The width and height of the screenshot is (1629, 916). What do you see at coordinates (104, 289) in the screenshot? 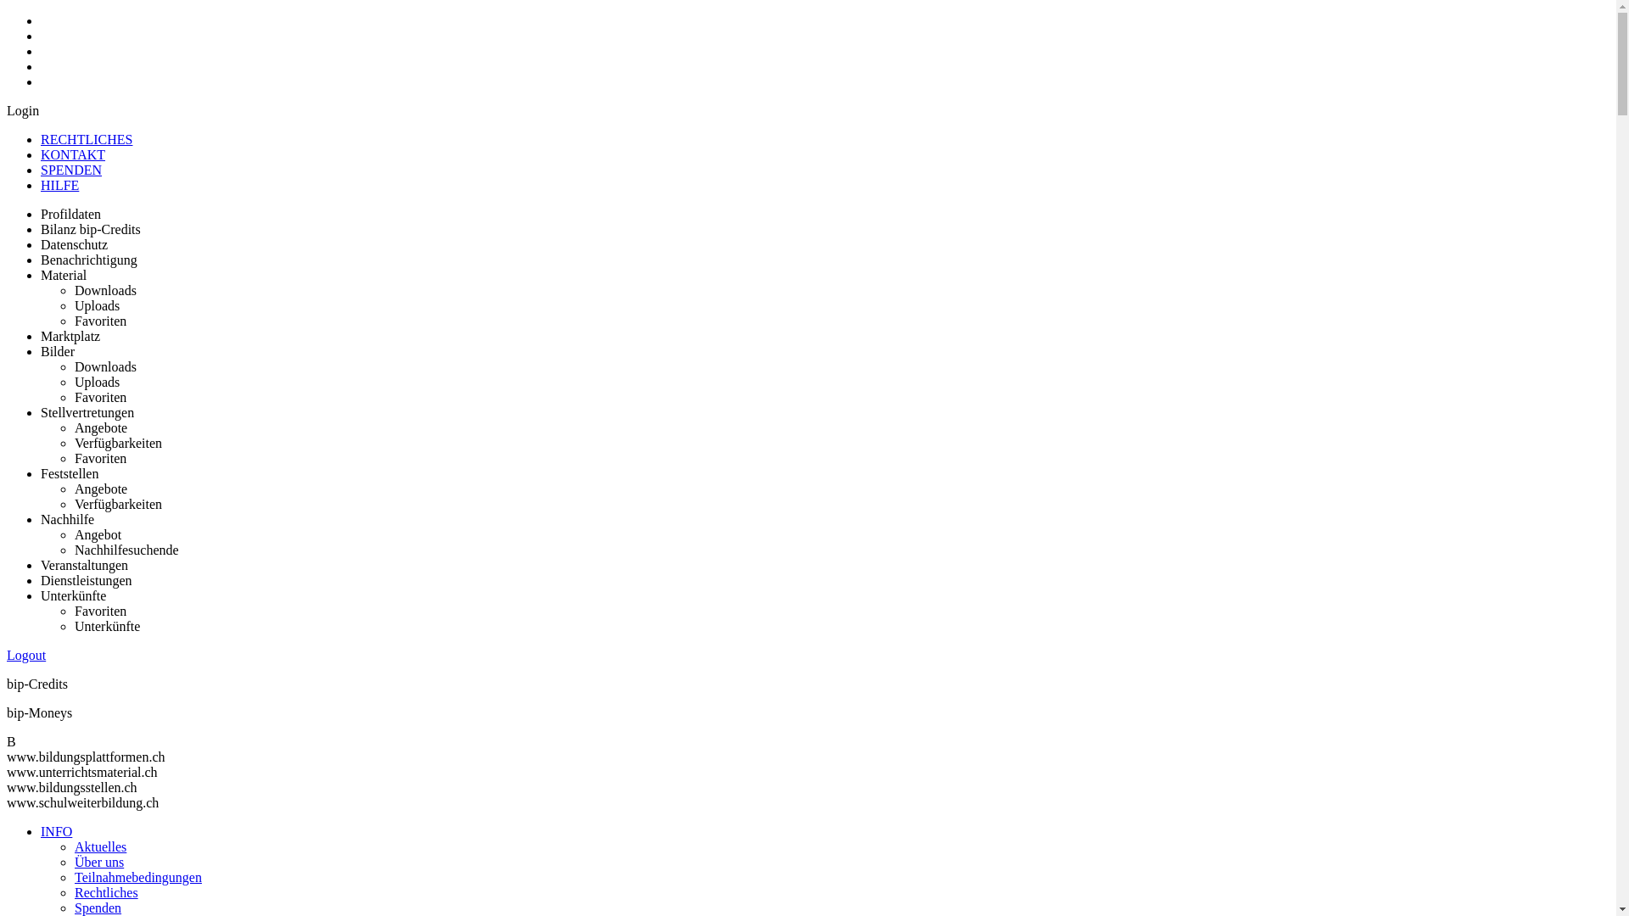
I see `'Downloads'` at bounding box center [104, 289].